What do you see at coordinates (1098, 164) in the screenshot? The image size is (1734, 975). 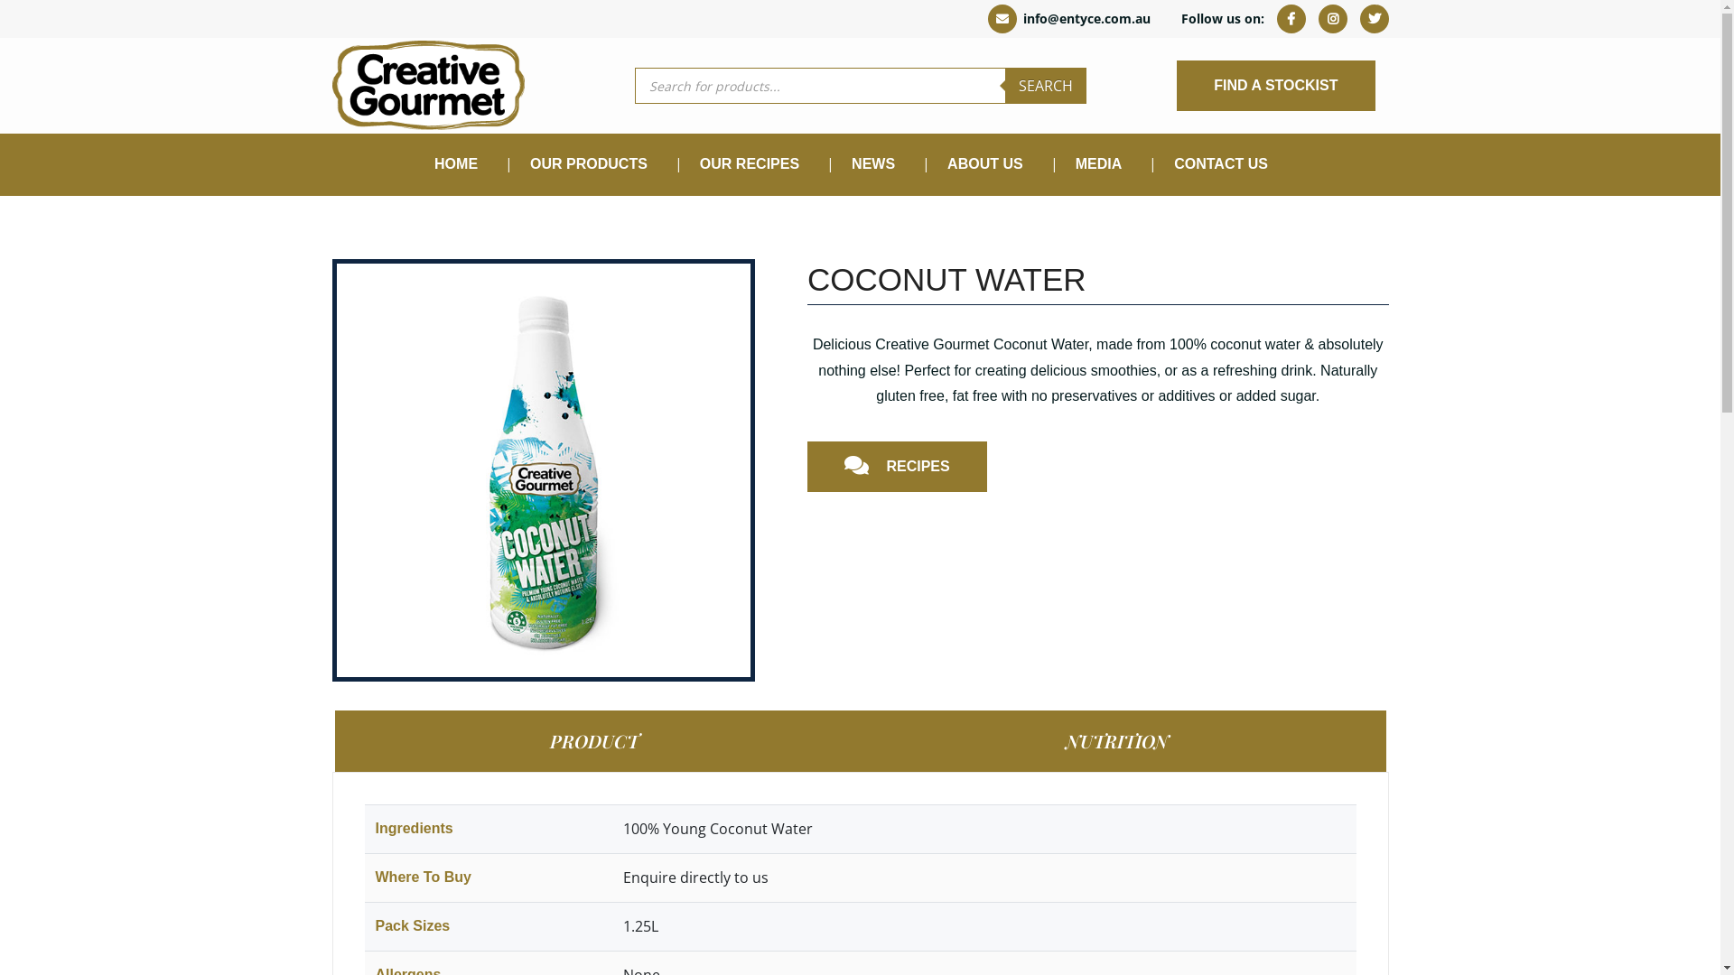 I see `'MEDIA'` at bounding box center [1098, 164].